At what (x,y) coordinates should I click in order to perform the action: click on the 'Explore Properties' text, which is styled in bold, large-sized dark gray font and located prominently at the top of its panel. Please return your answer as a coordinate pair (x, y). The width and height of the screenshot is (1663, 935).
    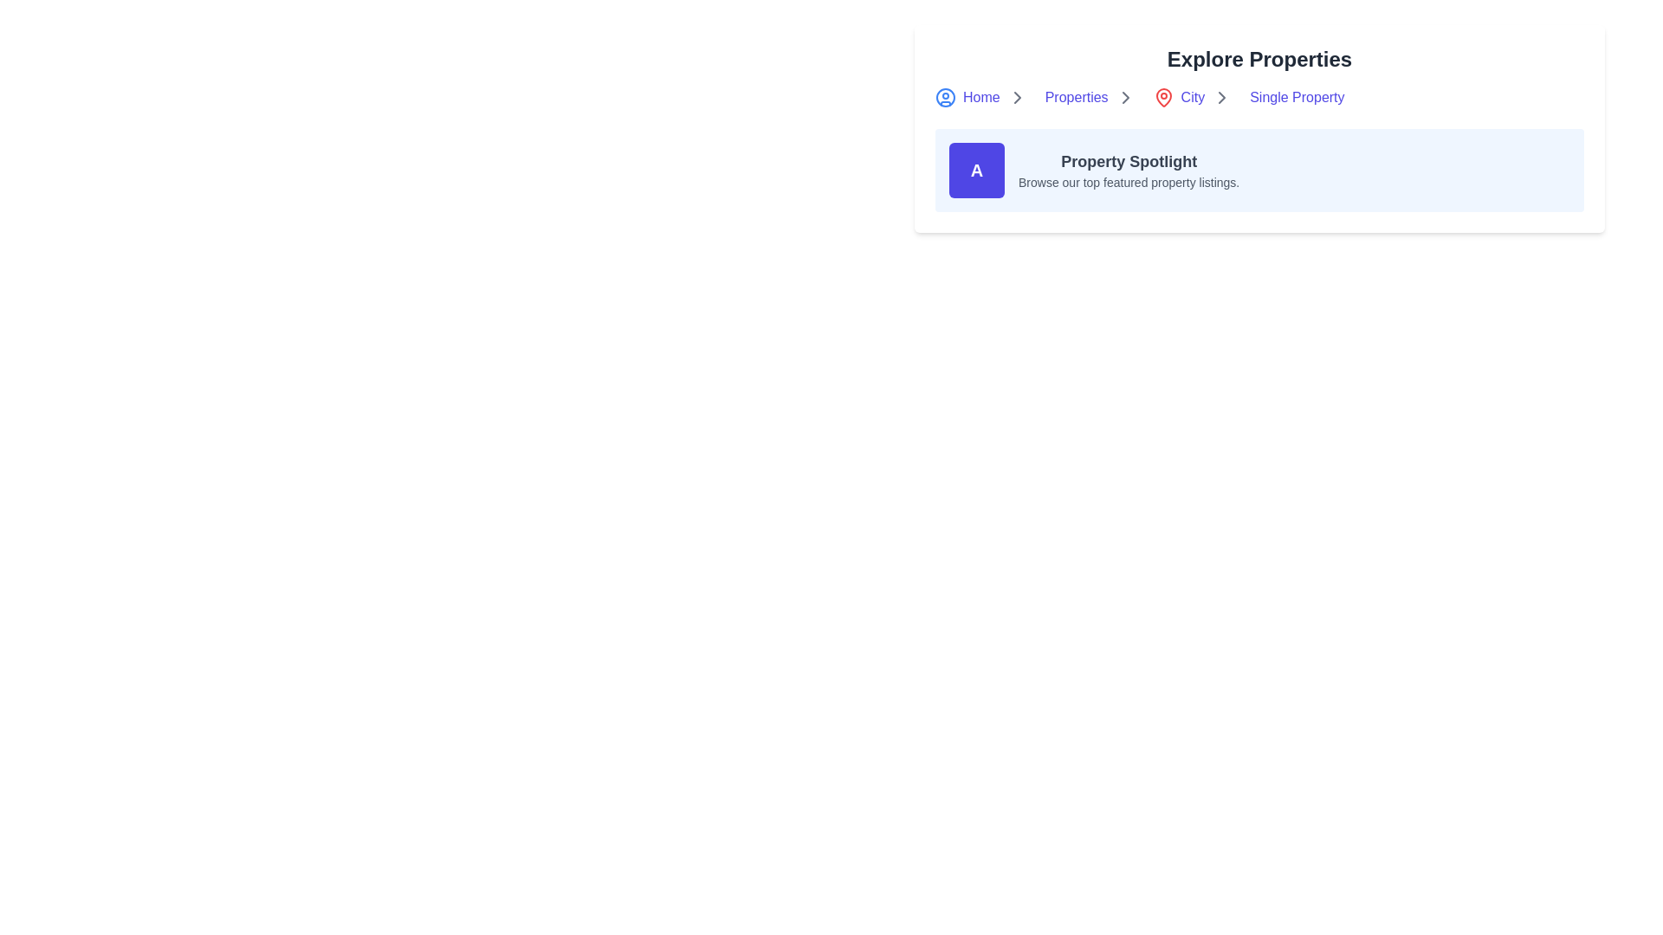
    Looking at the image, I should click on (1259, 59).